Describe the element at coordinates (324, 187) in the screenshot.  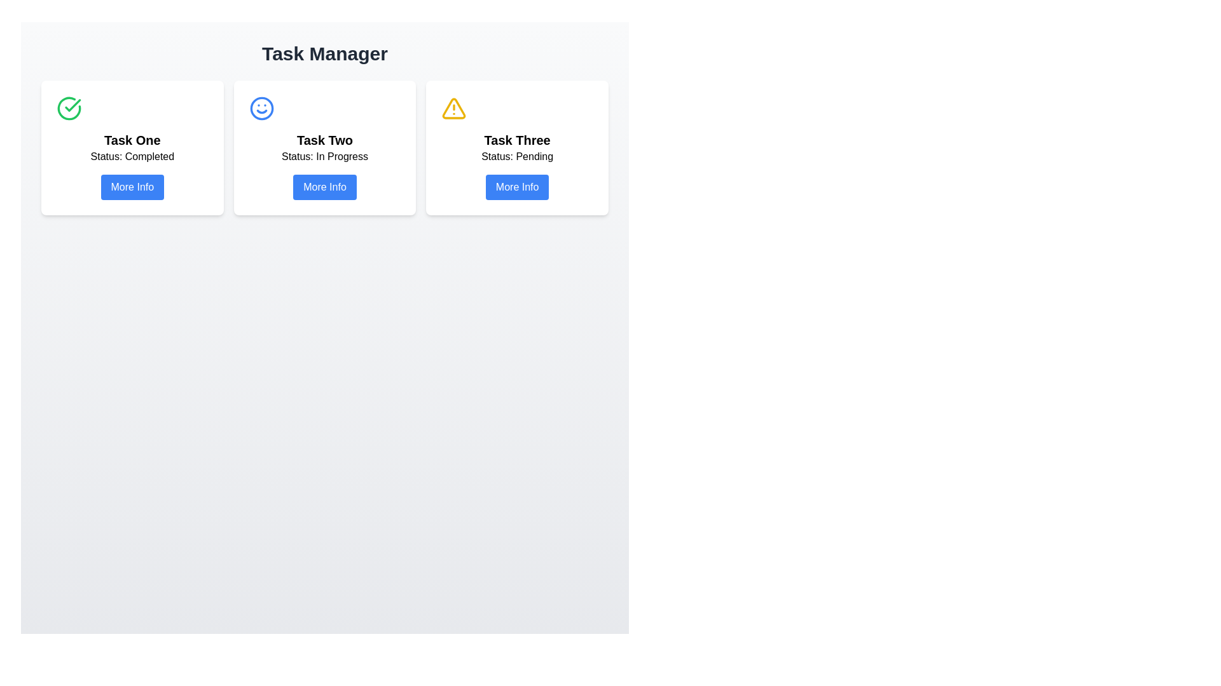
I see `the button that provides more information related to 'Task Two', located at the bottom of the center card titled 'Task Two' under 'Status: In Progress'` at that location.